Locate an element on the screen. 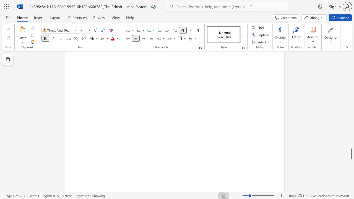  the scrollbar to adjust the page upward is located at coordinates (351, 61).